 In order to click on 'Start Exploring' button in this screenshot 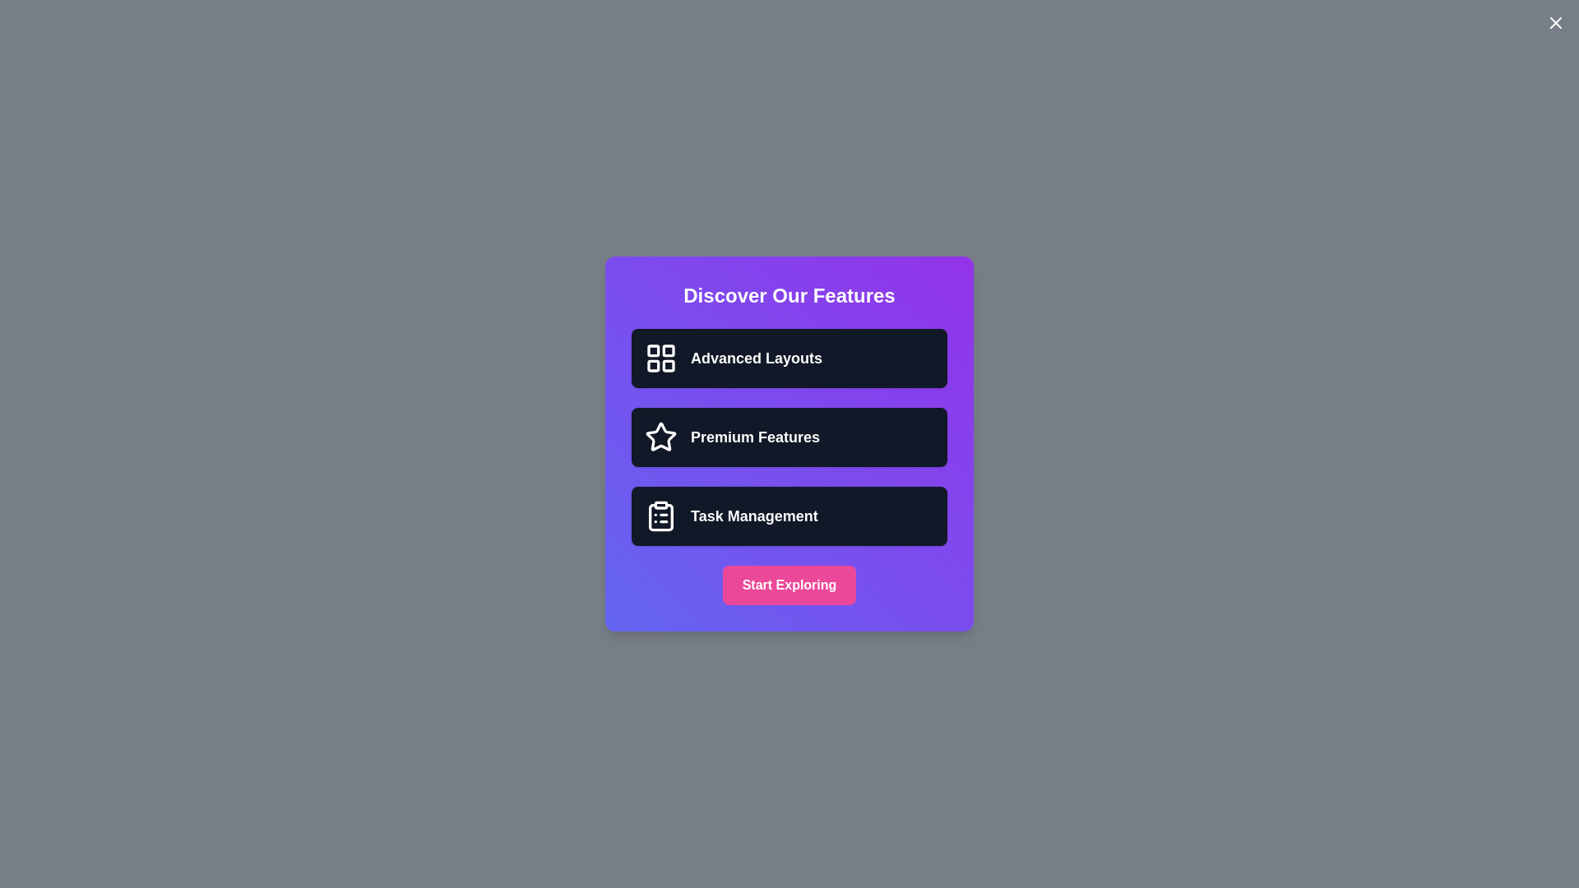, I will do `click(789, 585)`.